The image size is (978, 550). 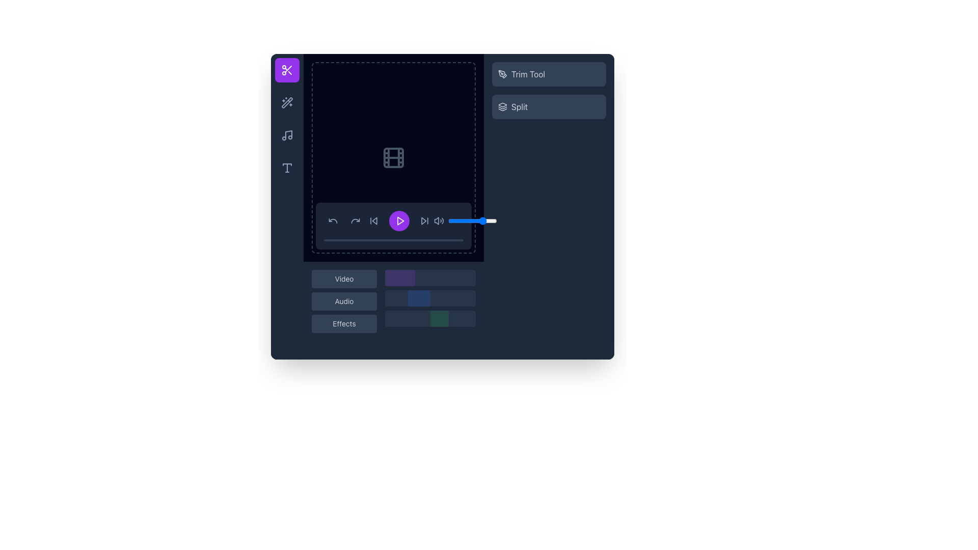 I want to click on the skip-backward media control button, which is an SVG component shaped like a left-pointing triangle, located in the media control bar, so click(x=374, y=221).